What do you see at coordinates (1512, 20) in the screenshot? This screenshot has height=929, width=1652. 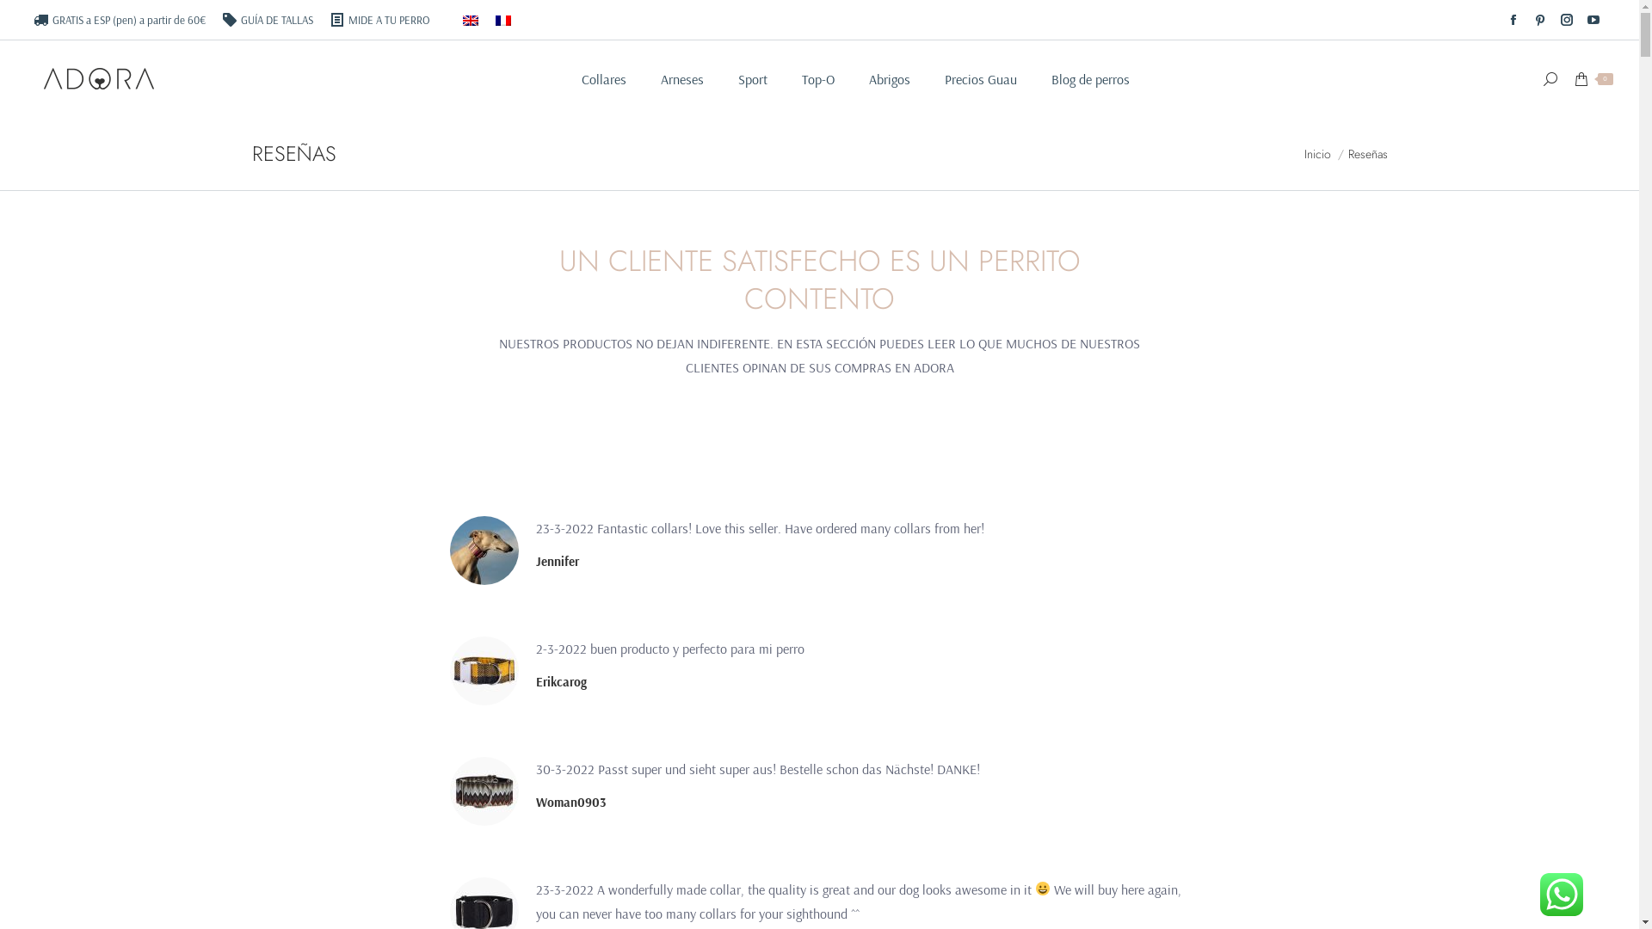 I see `'Facebook page opens in new window'` at bounding box center [1512, 20].